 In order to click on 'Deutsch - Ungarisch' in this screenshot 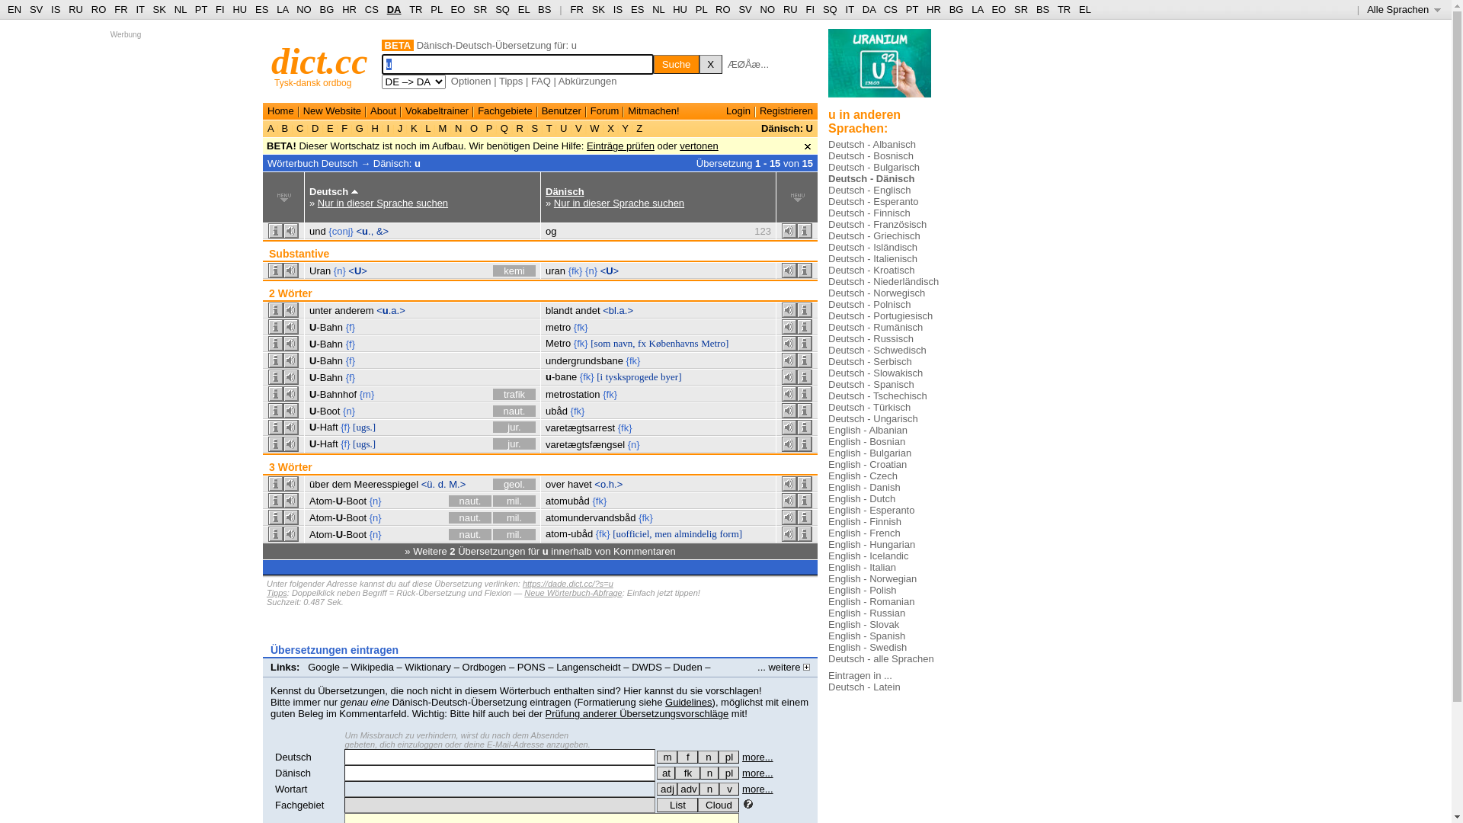, I will do `click(873, 418)`.